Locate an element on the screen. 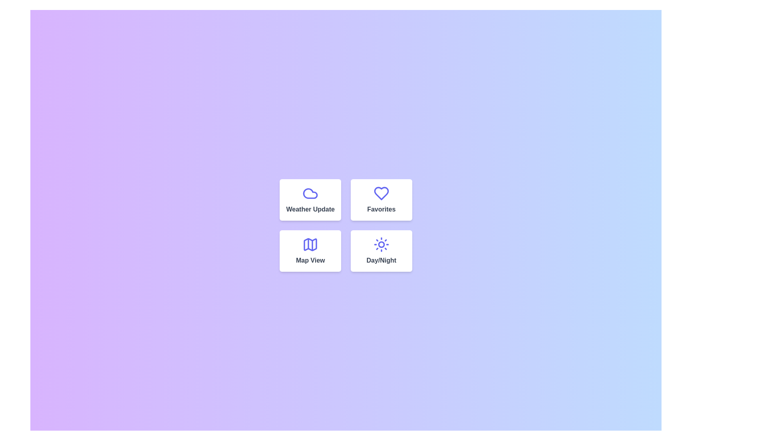  the interactive weather card located at the top left corner of the card grid is located at coordinates (310, 200).